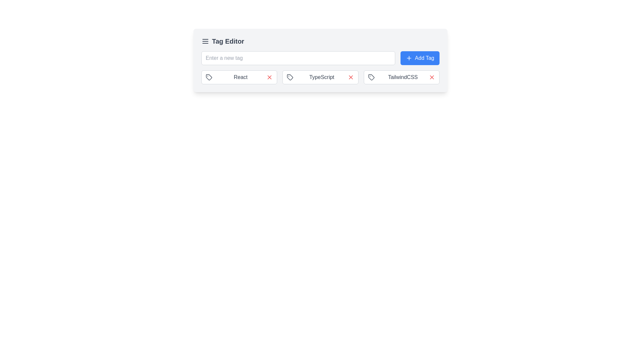  I want to click on the text label 'TypeScript', so click(322, 77).